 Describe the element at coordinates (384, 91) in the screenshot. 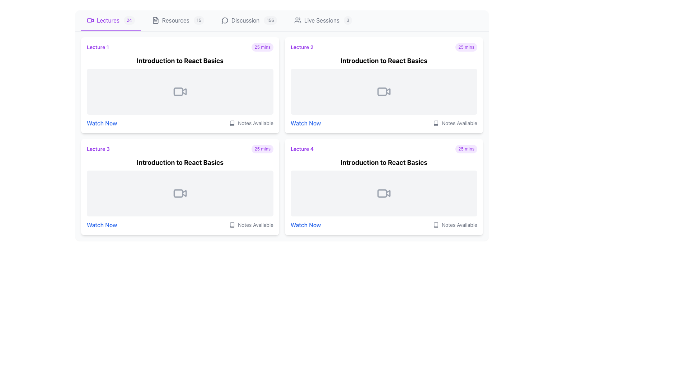

I see `the video icon located inside the second lecture's card in the top-right quadrant of the displayed grid, which represents a placeholder for a video thumbnail or play icon` at that location.